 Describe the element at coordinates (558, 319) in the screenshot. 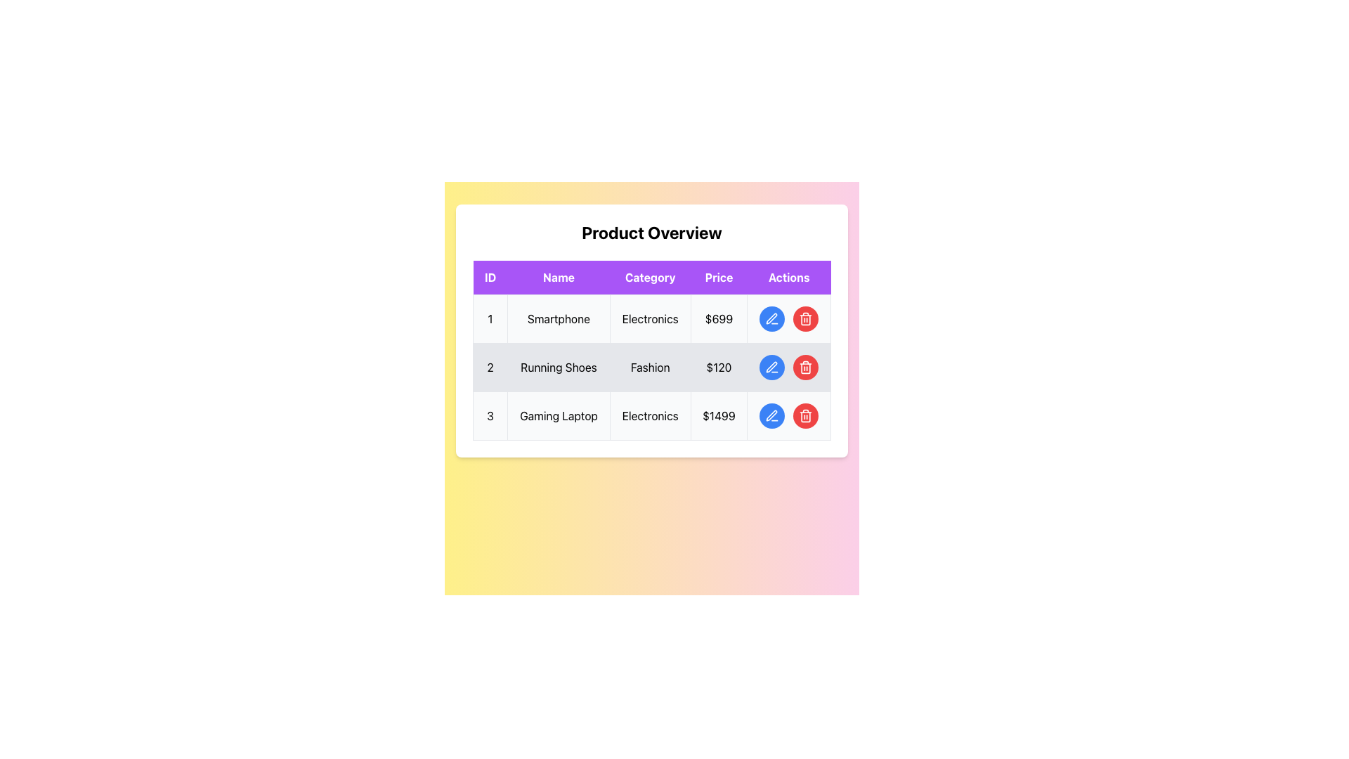

I see `the text label displaying 'Smartphone', which is located in the second cell of the first row under the 'Name' column in the data table` at that location.